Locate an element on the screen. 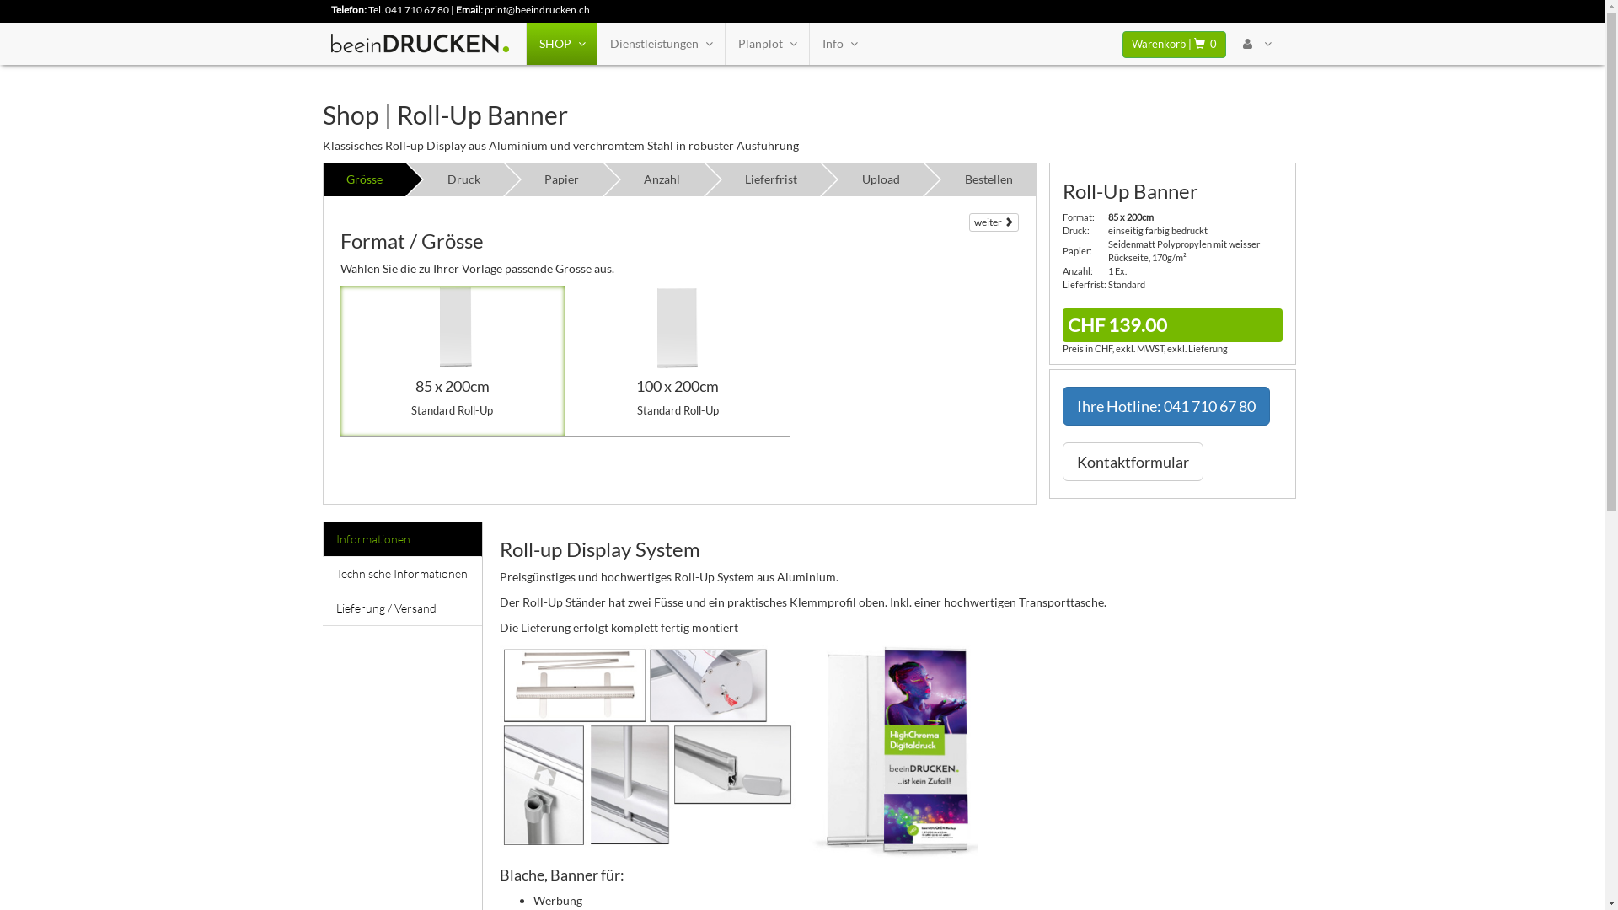 This screenshot has height=910, width=1618. 'Lieferung / Versand' is located at coordinates (400, 608).